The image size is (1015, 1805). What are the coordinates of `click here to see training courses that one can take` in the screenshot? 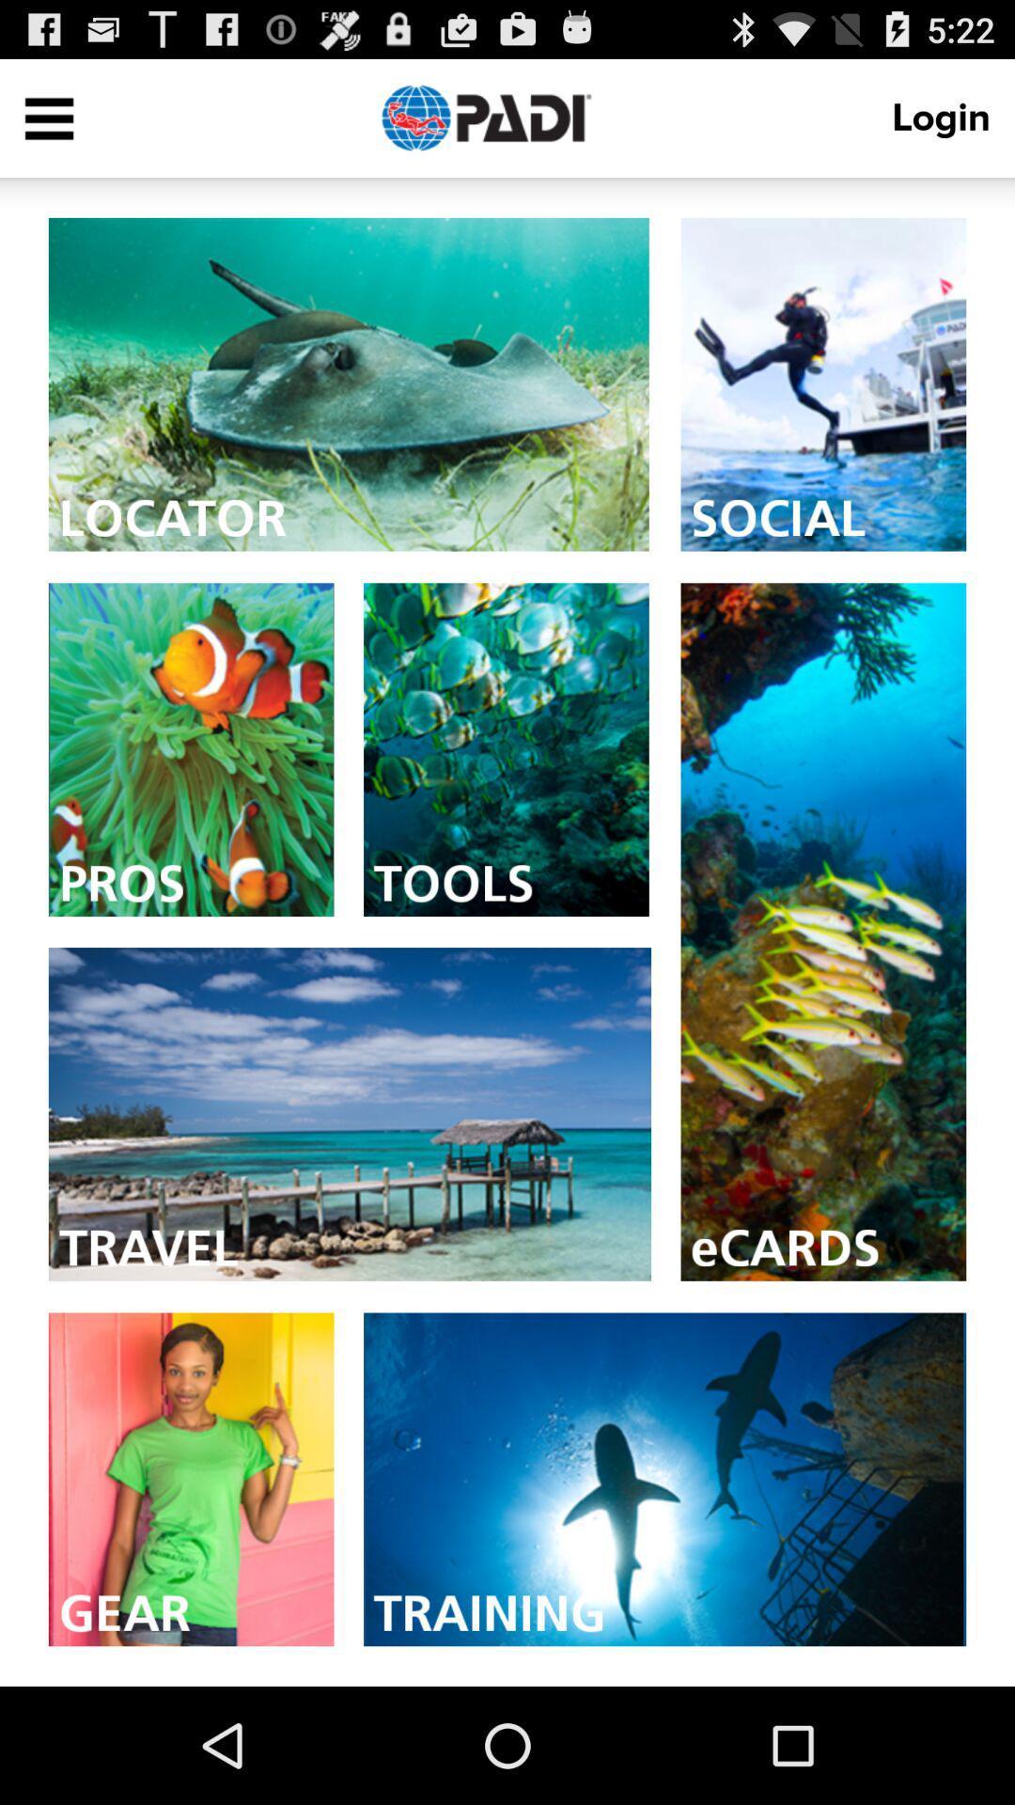 It's located at (664, 1478).